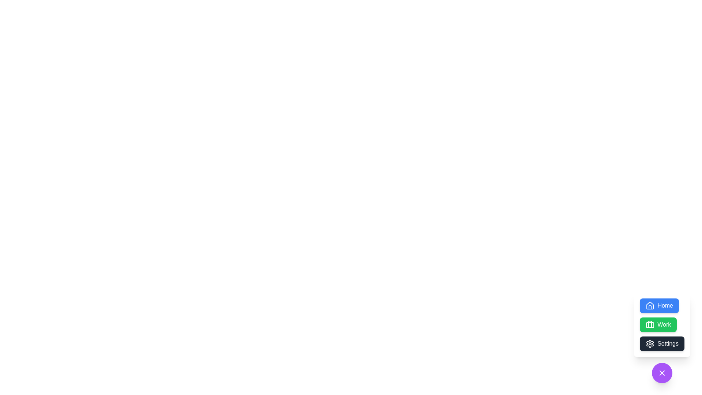 This screenshot has height=395, width=702. Describe the element at coordinates (650, 324) in the screenshot. I see `the left vertical line part of the briefcase handle located within the 'Work' button` at that location.